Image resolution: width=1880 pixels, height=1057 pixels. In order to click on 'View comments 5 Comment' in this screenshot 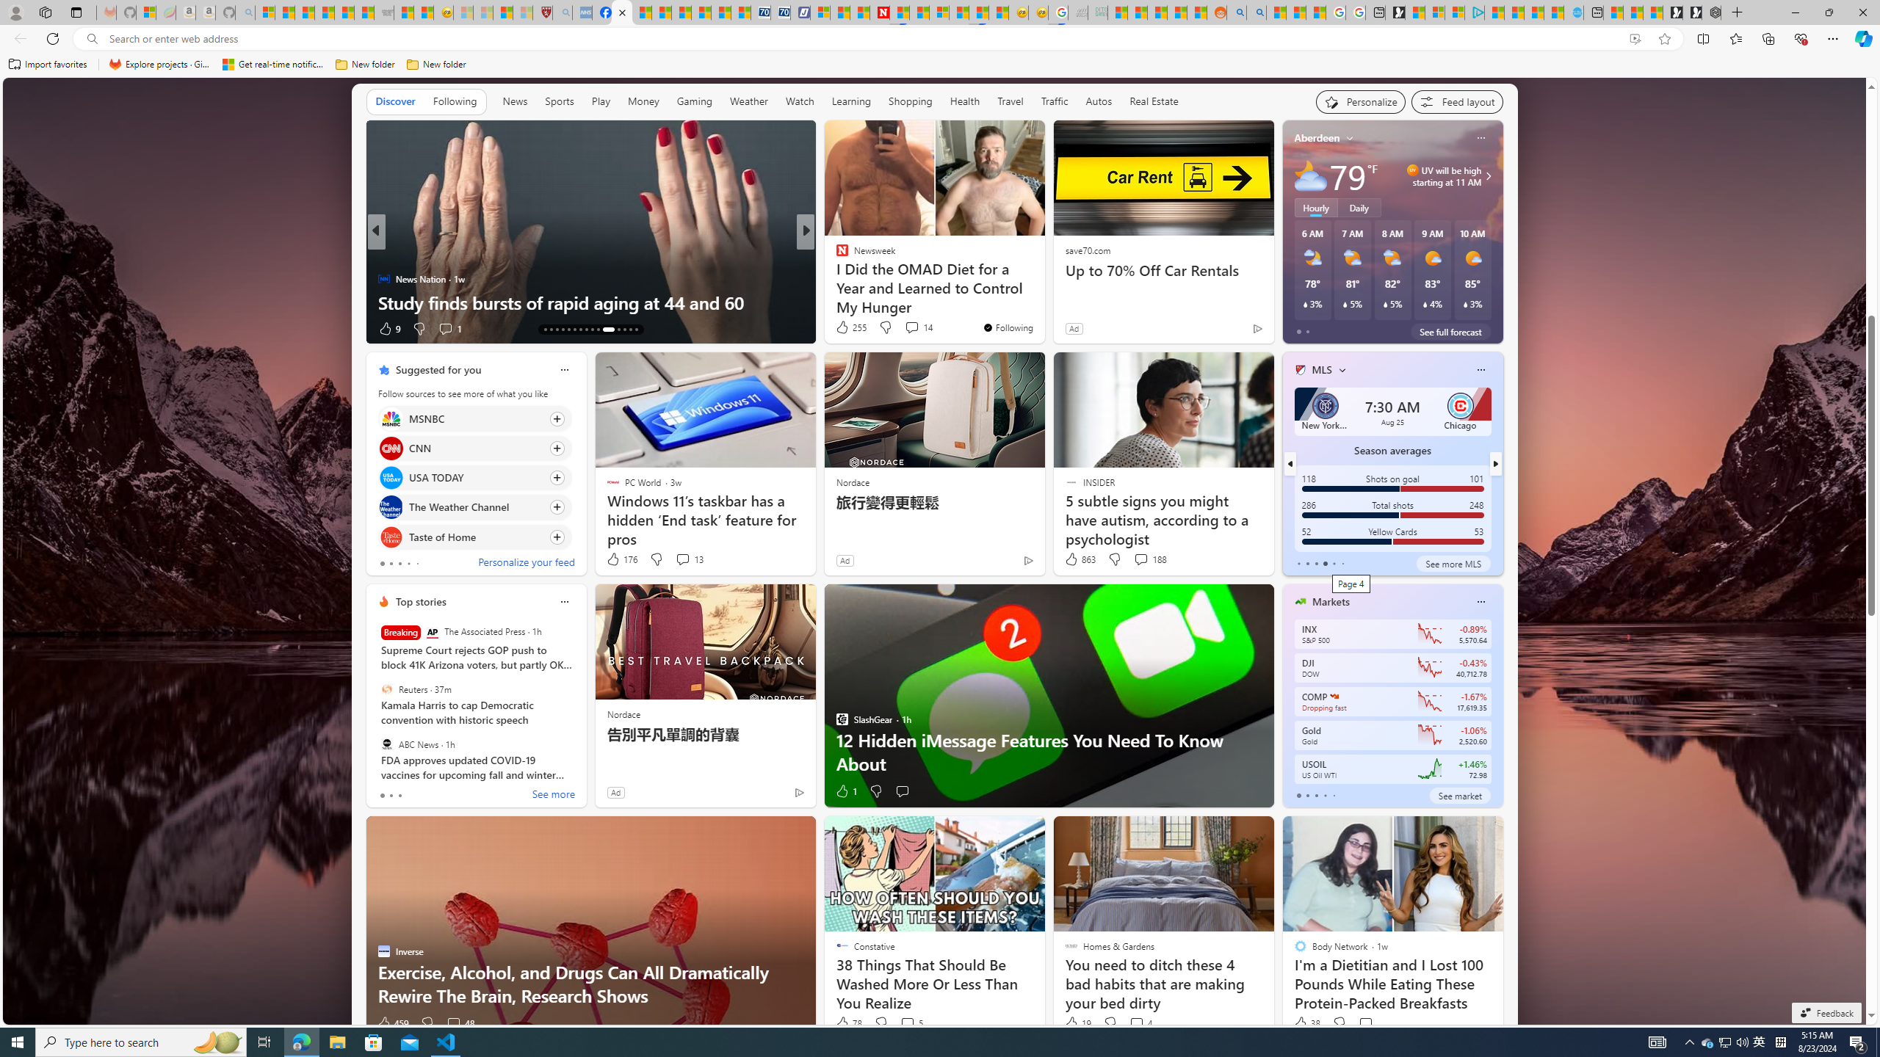, I will do `click(907, 1023)`.